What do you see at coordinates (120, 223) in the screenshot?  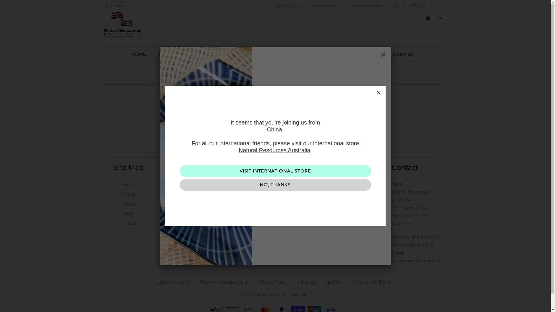 I see `'Contact'` at bounding box center [120, 223].